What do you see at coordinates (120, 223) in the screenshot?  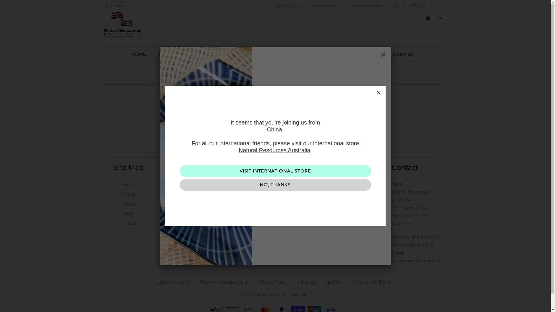 I see `'Contact'` at bounding box center [120, 223].